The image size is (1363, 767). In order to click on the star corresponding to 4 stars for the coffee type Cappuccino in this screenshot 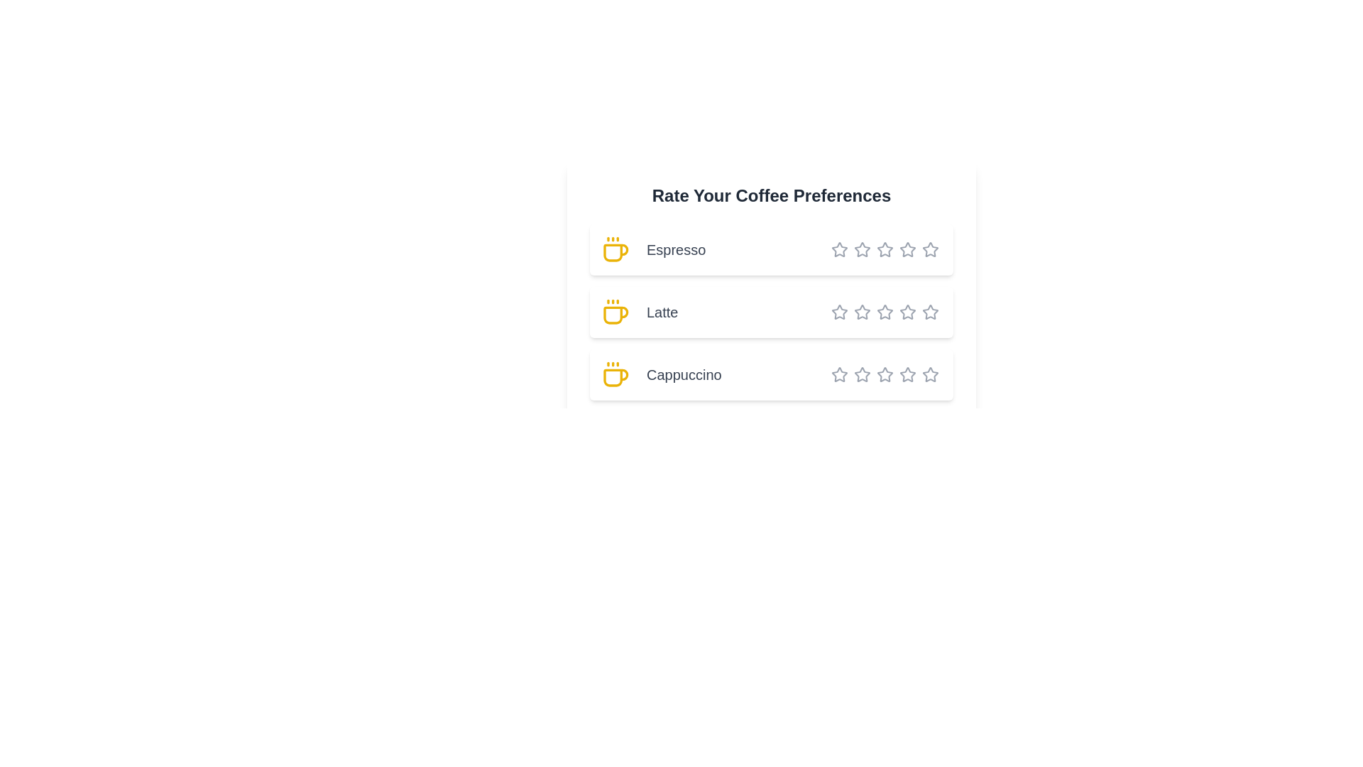, I will do `click(882, 374)`.